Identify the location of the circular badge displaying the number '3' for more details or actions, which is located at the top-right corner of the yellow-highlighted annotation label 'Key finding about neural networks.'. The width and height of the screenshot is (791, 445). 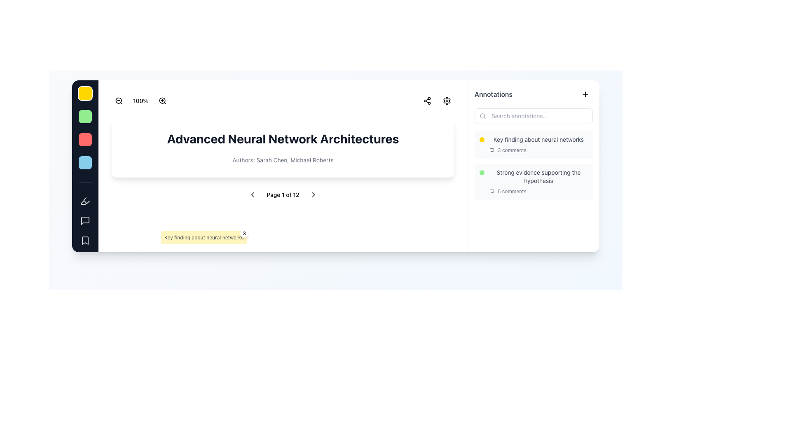
(244, 234).